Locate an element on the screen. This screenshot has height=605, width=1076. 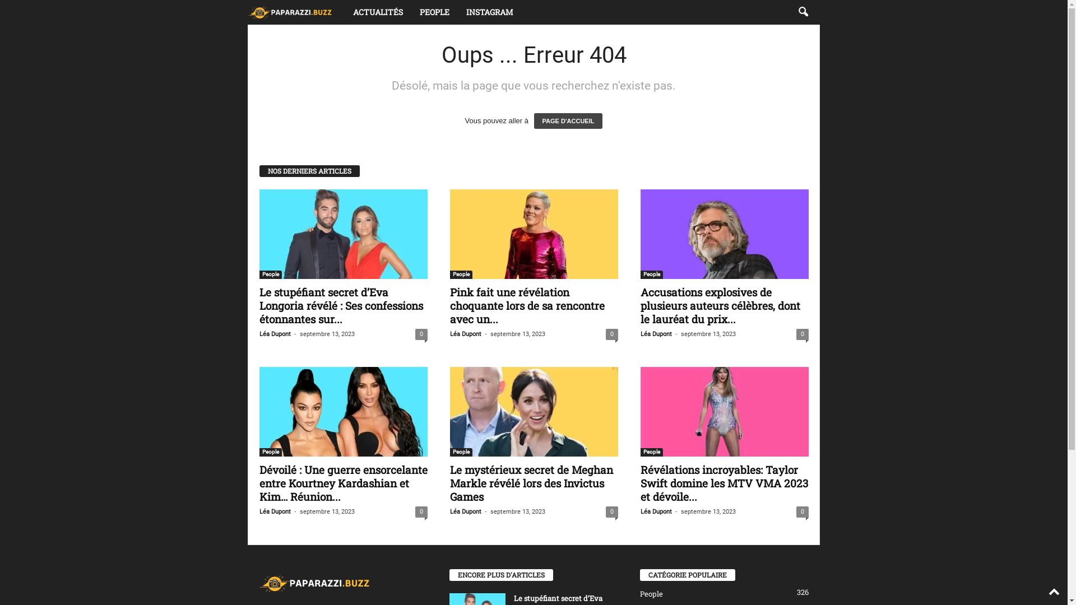
'PAGE D'ACCUEIL' is located at coordinates (568, 121).